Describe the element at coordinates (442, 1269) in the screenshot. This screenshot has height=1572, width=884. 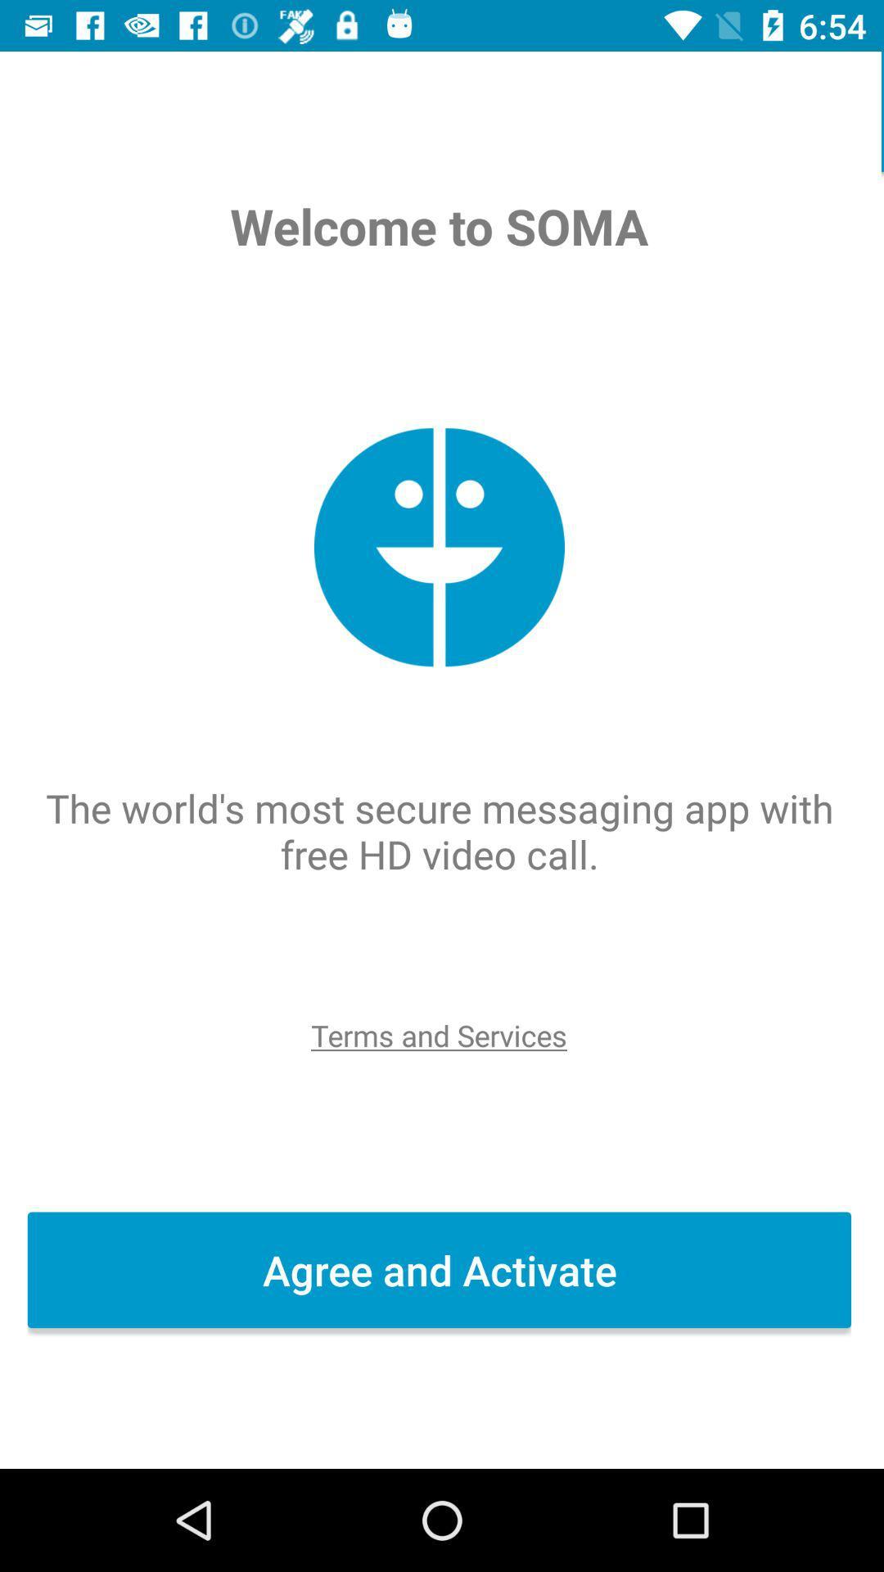
I see `item below terms and services item` at that location.